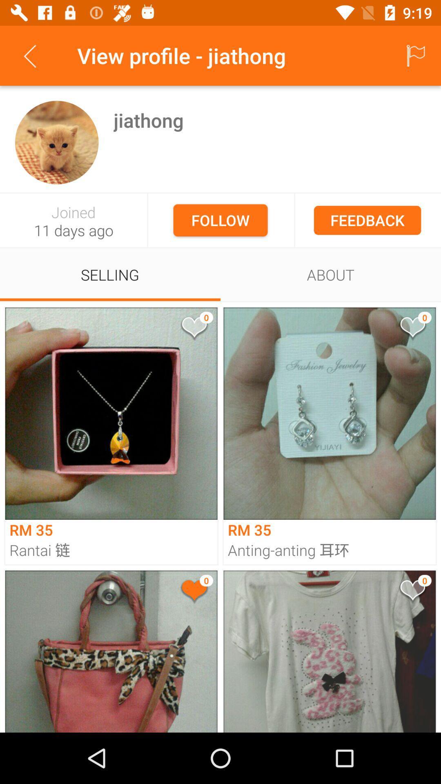 The image size is (441, 784). I want to click on profile picture, so click(56, 143).